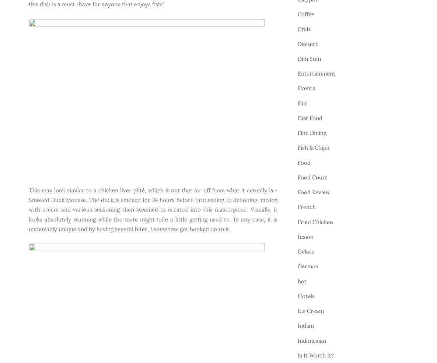 The height and width of the screenshot is (363, 437). I want to click on 'Food Court', so click(312, 177).